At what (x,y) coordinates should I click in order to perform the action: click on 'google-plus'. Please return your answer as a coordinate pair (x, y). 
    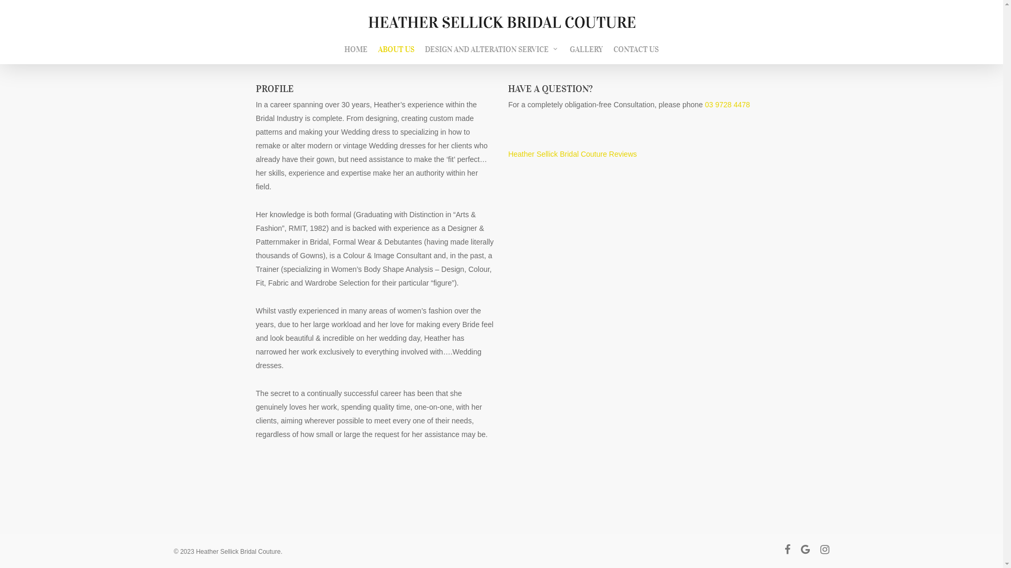
    Looking at the image, I should click on (805, 550).